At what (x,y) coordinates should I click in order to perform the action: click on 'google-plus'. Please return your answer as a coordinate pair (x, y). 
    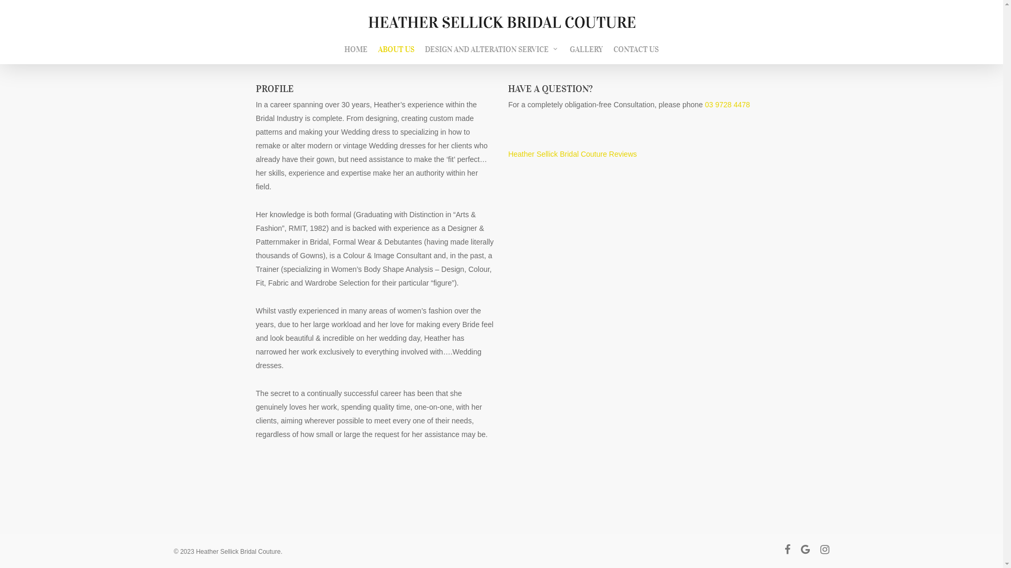
    Looking at the image, I should click on (805, 550).